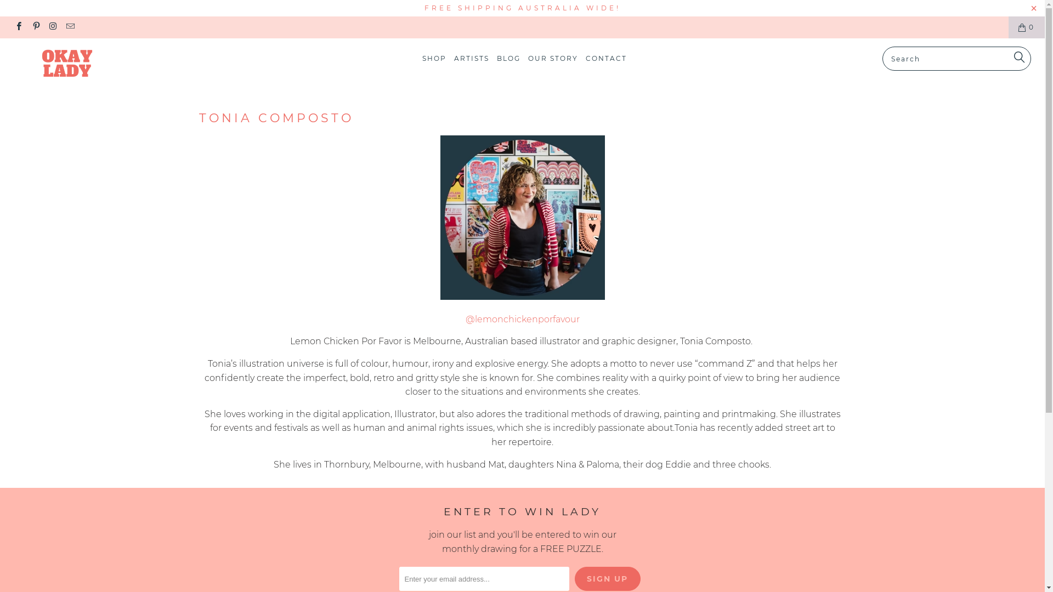 This screenshot has width=1053, height=592. Describe the element at coordinates (434, 59) in the screenshot. I see `'SHOP'` at that location.